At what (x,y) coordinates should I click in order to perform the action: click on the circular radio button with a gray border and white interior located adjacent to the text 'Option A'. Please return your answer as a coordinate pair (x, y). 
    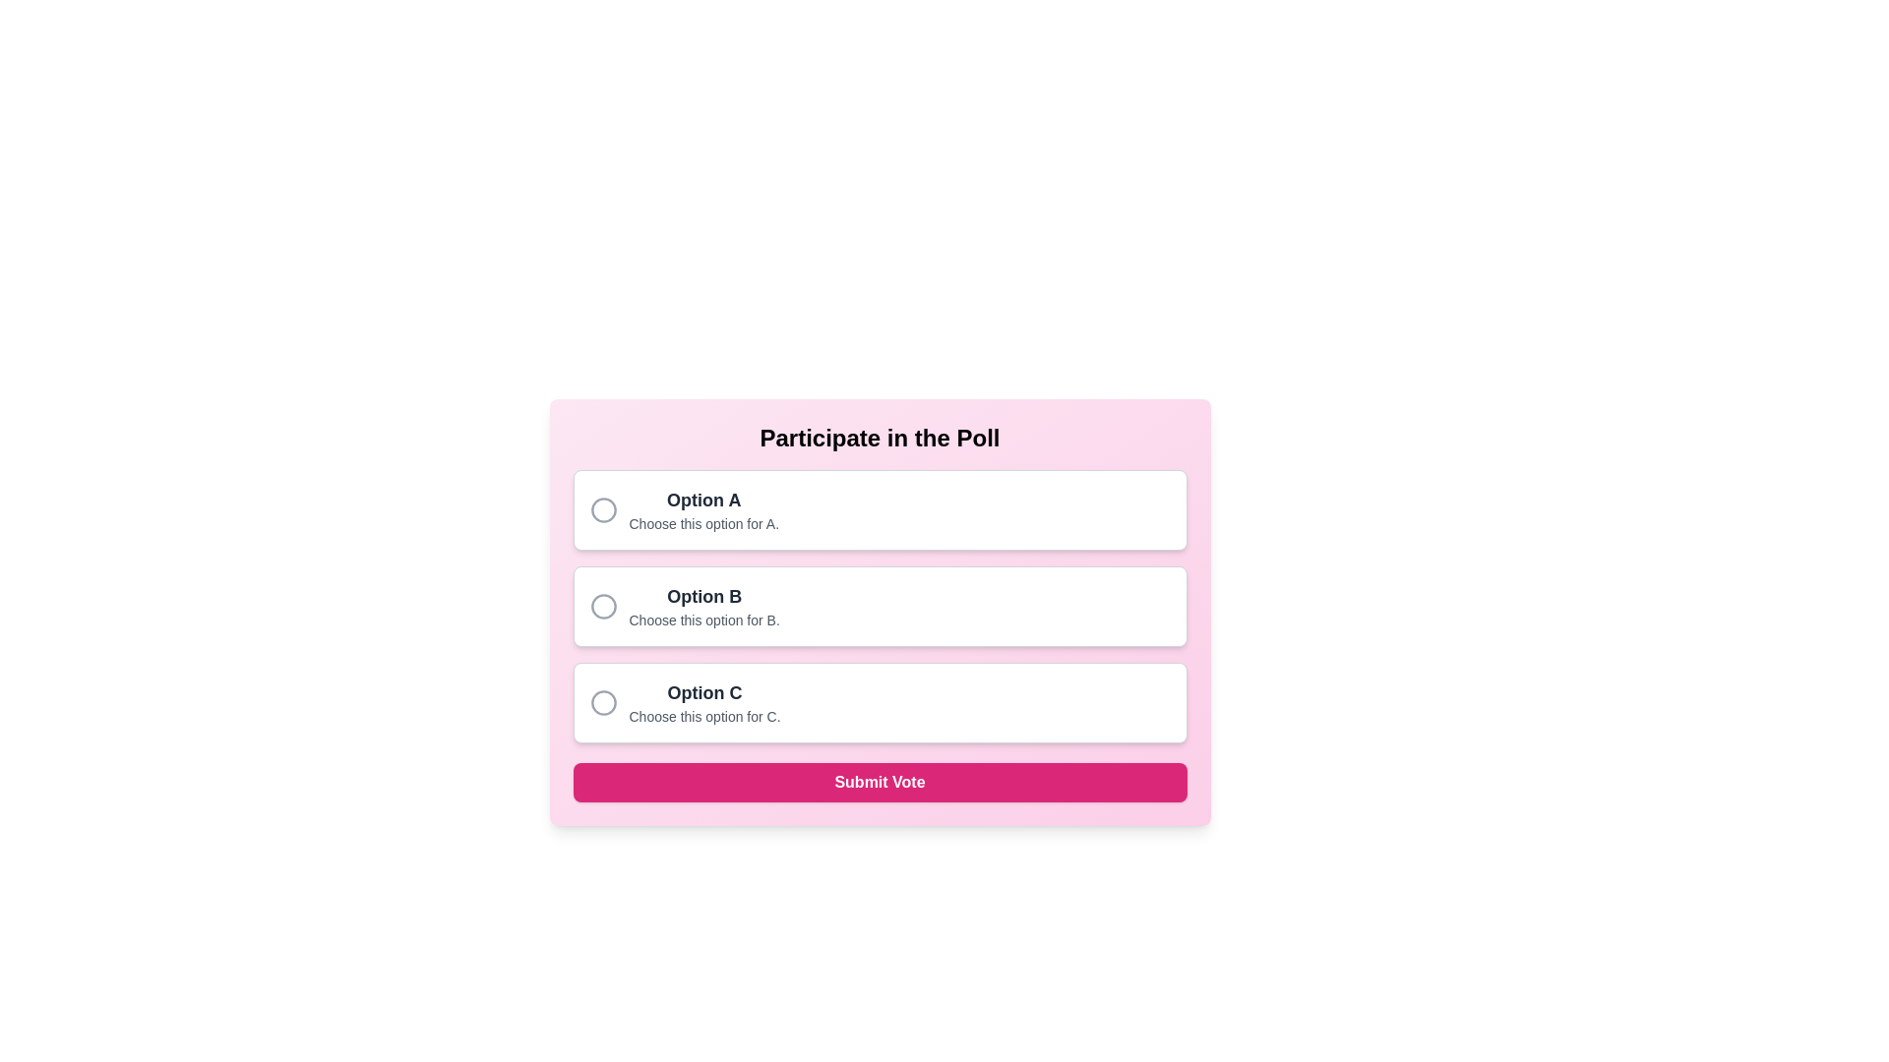
    Looking at the image, I should click on (602, 509).